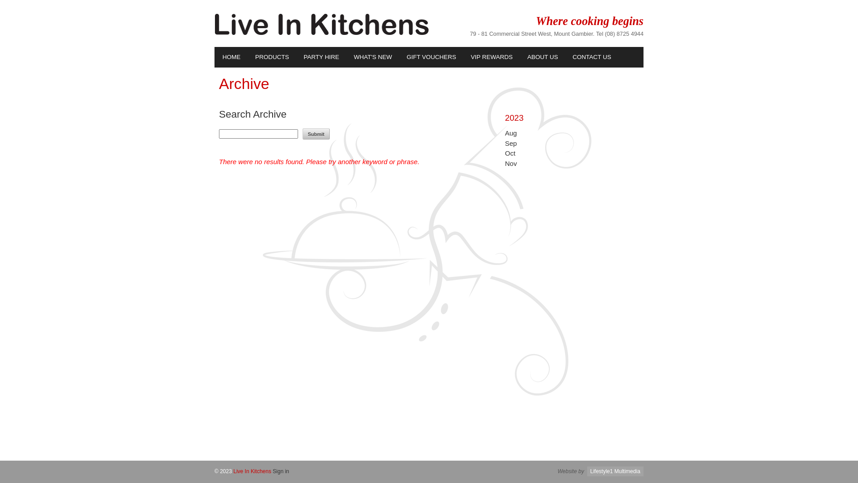 This screenshot has width=858, height=483. I want to click on 'Aug', so click(511, 133).